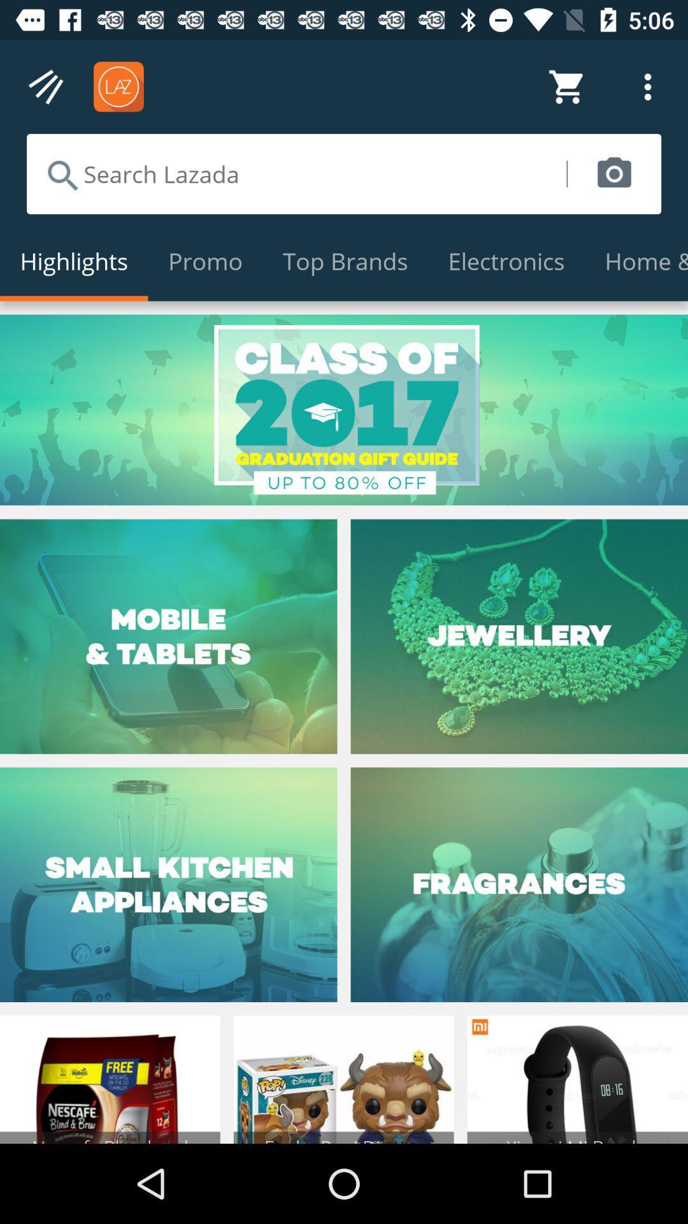 Image resolution: width=688 pixels, height=1224 pixels. What do you see at coordinates (344, 1079) in the screenshot?
I see `the bottom middle image of page` at bounding box center [344, 1079].